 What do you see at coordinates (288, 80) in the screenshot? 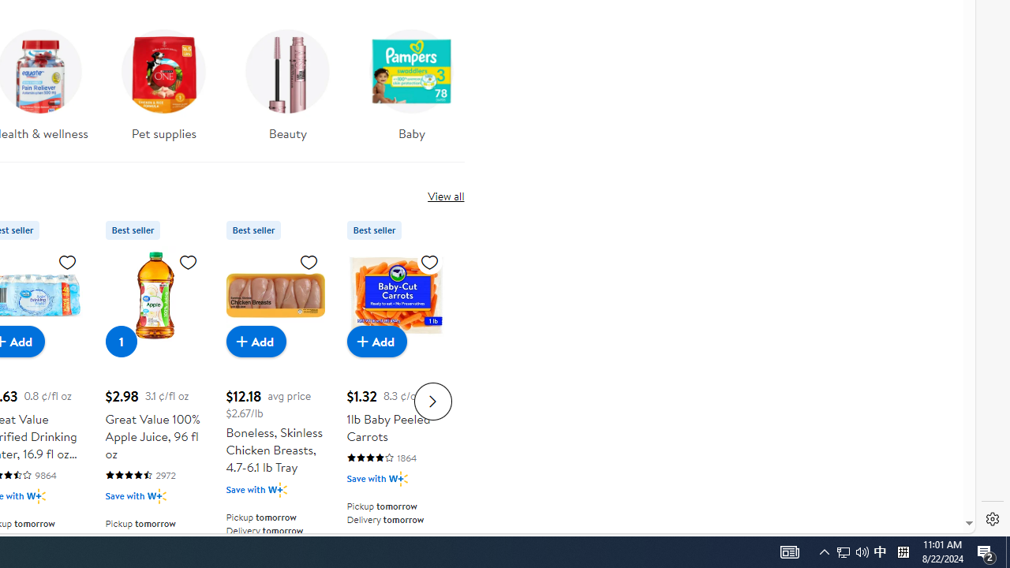
I see `'Beauty'` at bounding box center [288, 80].